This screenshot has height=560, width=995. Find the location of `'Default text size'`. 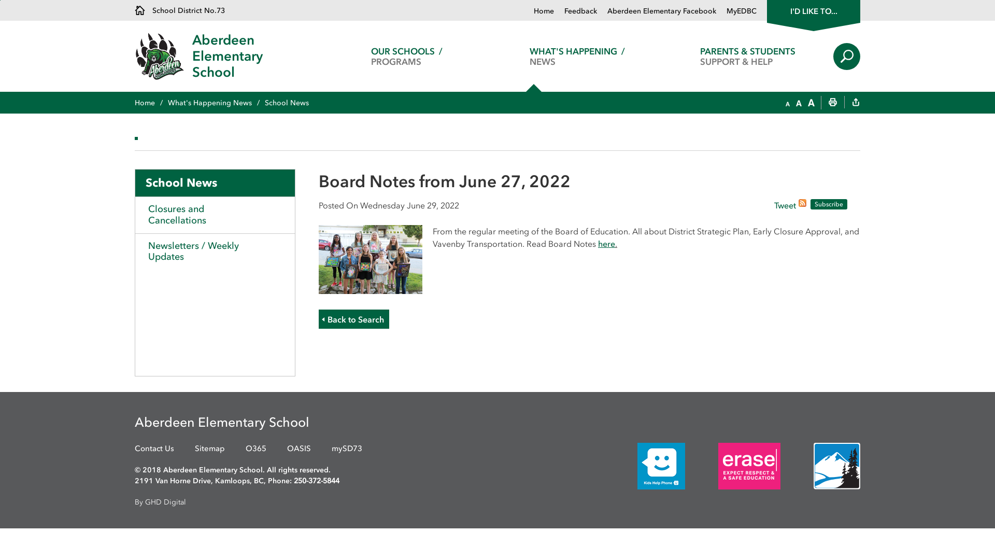

'Default text size' is located at coordinates (795, 103).